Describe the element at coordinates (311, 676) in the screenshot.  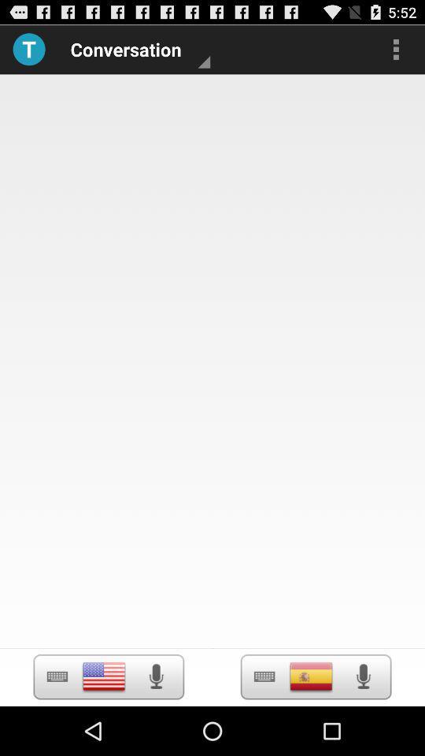
I see `country selection` at that location.